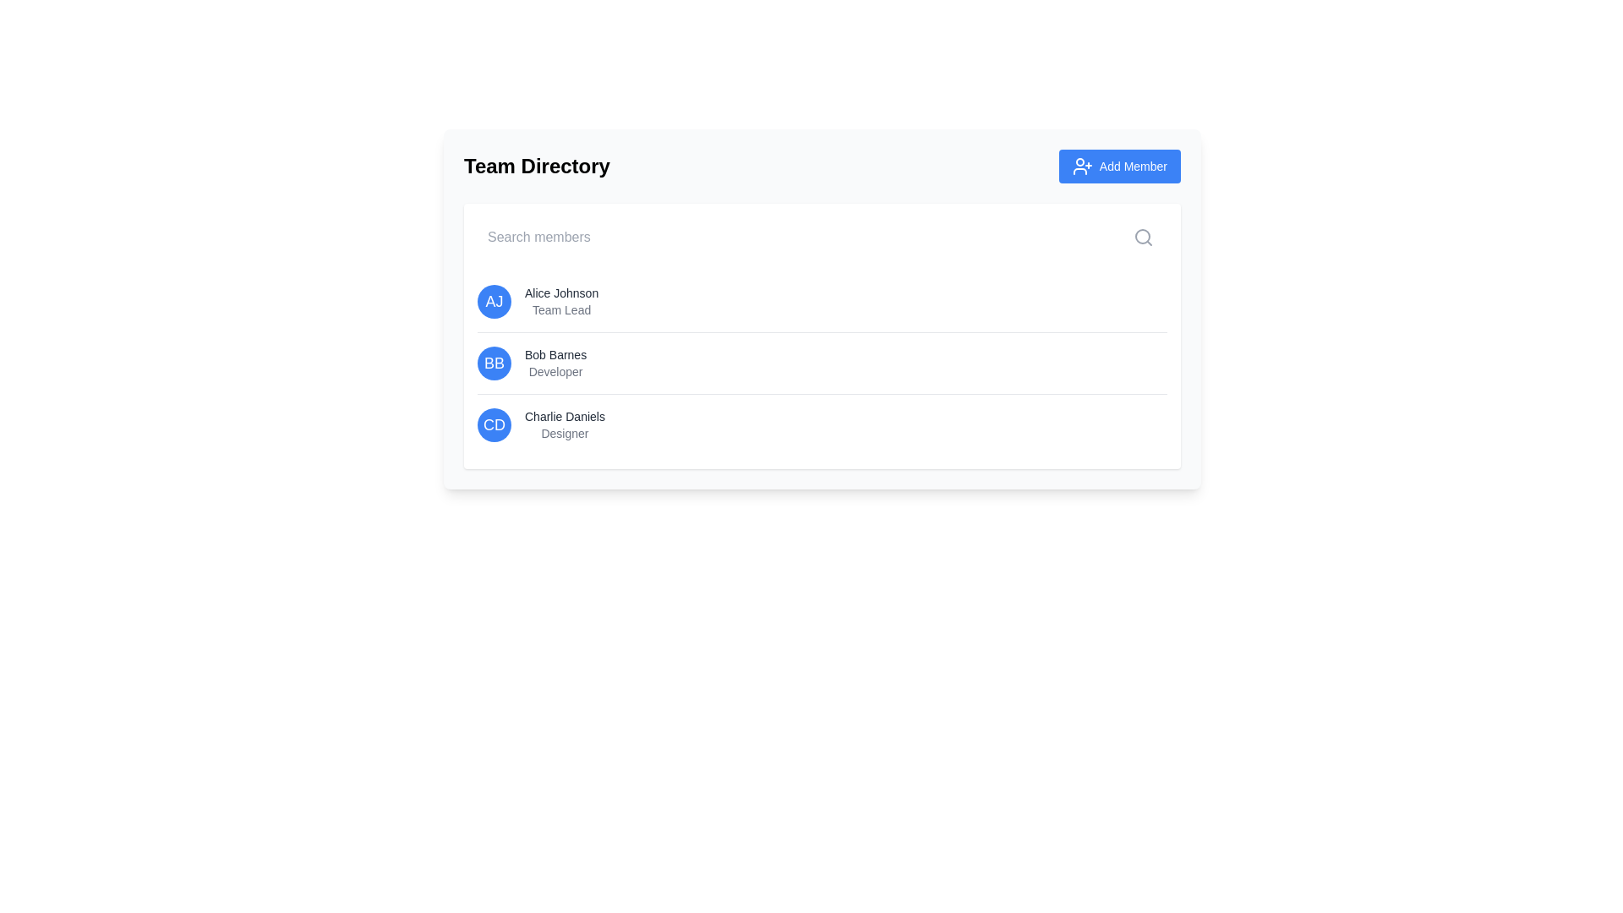  What do you see at coordinates (565, 417) in the screenshot?
I see `the text element containing 'Charlie Daniels' in the 'Team Directory' section, styled with a small font size and dark gray color, positioned under the last team member's name` at bounding box center [565, 417].